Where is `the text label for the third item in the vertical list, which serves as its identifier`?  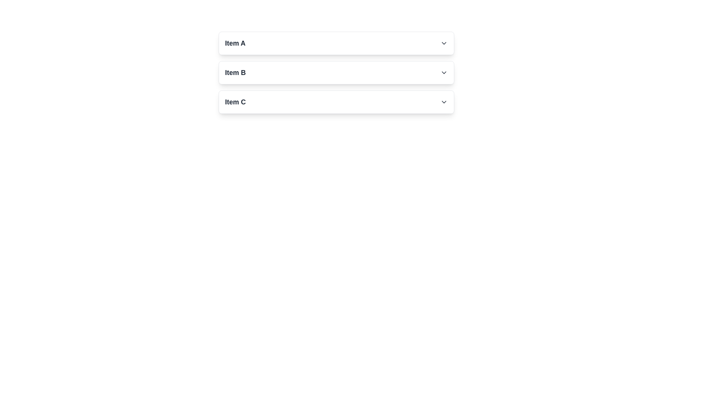 the text label for the third item in the vertical list, which serves as its identifier is located at coordinates (235, 102).